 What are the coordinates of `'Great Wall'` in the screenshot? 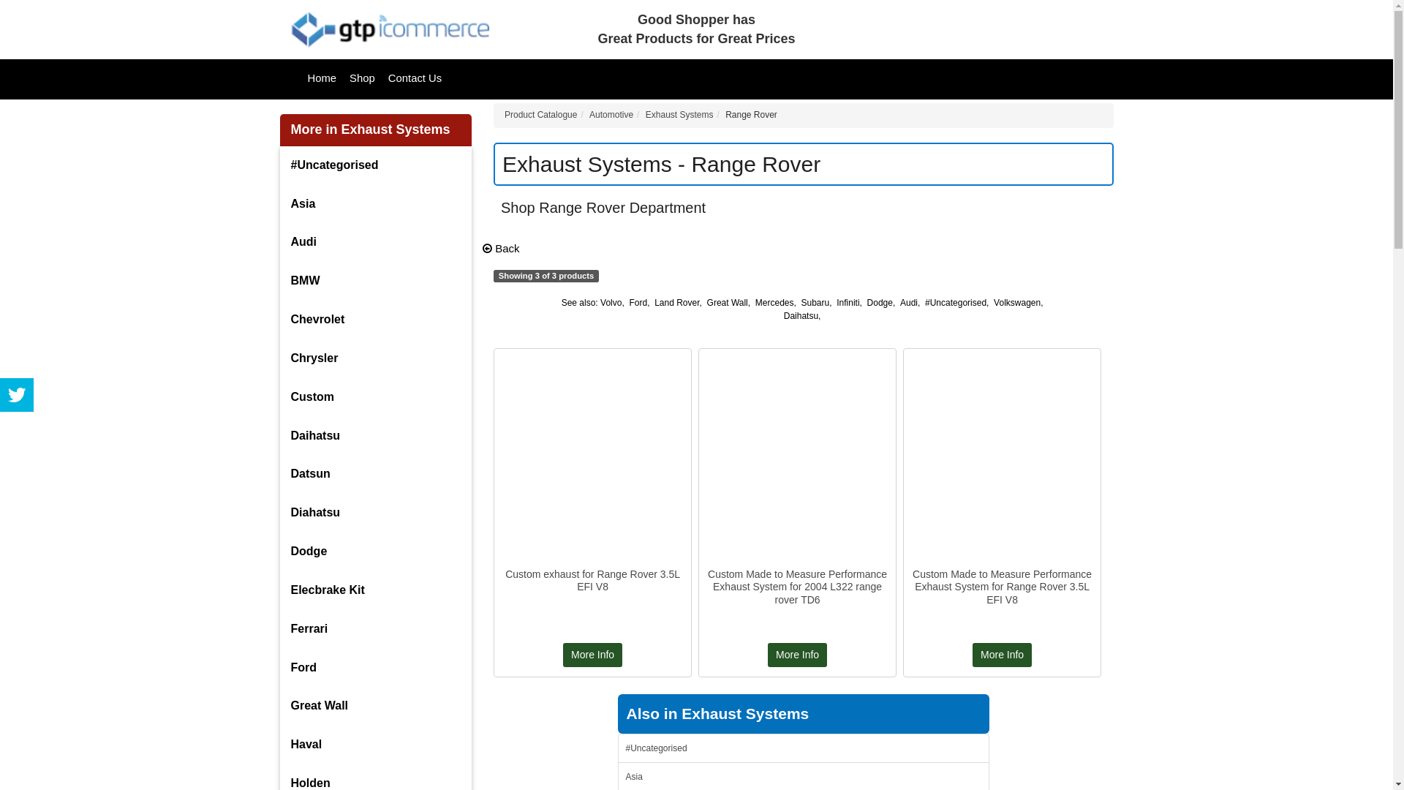 It's located at (727, 301).